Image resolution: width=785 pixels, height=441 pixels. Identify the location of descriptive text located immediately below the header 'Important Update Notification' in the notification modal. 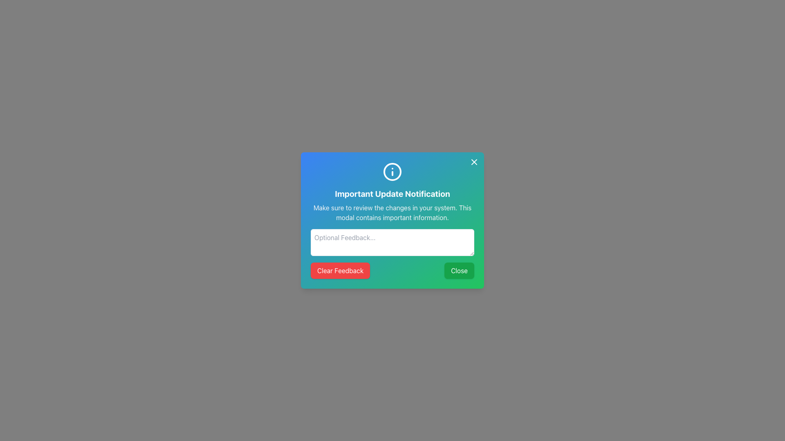
(392, 212).